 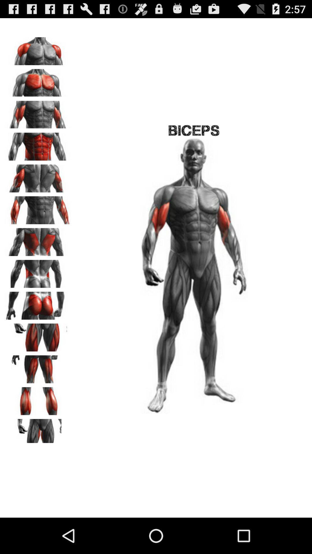 What do you see at coordinates (38, 176) in the screenshot?
I see `option` at bounding box center [38, 176].